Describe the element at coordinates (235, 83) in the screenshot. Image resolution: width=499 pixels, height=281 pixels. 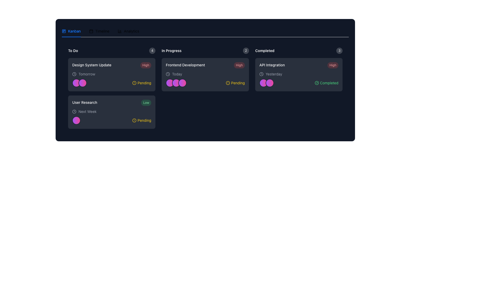
I see `displayed status from the Status indicator showing 'Pending' in yellow, located in the 'Frontend Development' card under the 'In Progress' column` at that location.